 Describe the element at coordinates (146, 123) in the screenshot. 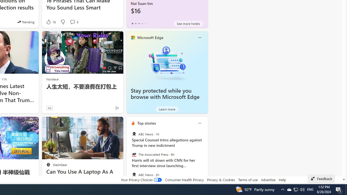

I see `'Top stories'` at that location.